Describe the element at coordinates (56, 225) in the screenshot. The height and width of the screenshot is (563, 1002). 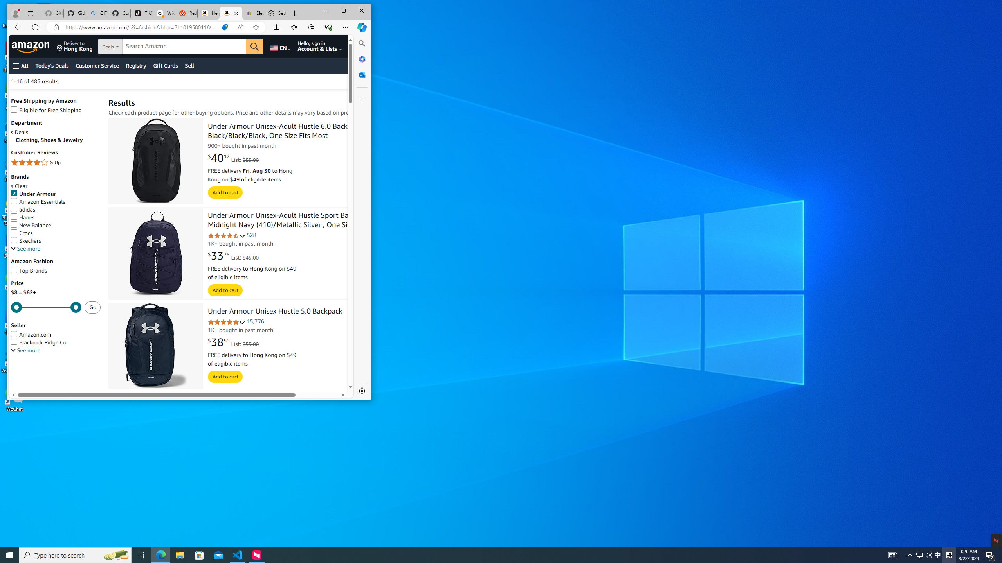
I see `'New Balance'` at that location.